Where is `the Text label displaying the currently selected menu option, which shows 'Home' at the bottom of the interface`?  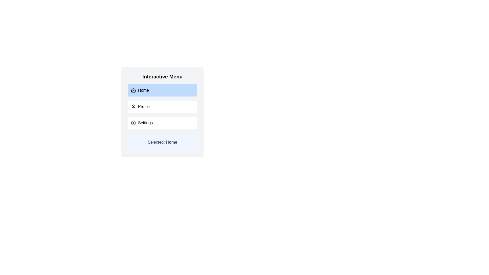 the Text label displaying the currently selected menu option, which shows 'Home' at the bottom of the interface is located at coordinates (171, 142).